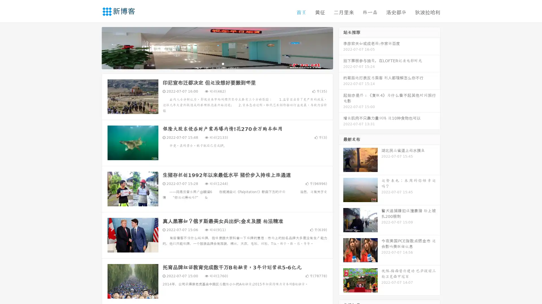  Describe the element at coordinates (211, 63) in the screenshot. I see `Go to slide 1` at that location.